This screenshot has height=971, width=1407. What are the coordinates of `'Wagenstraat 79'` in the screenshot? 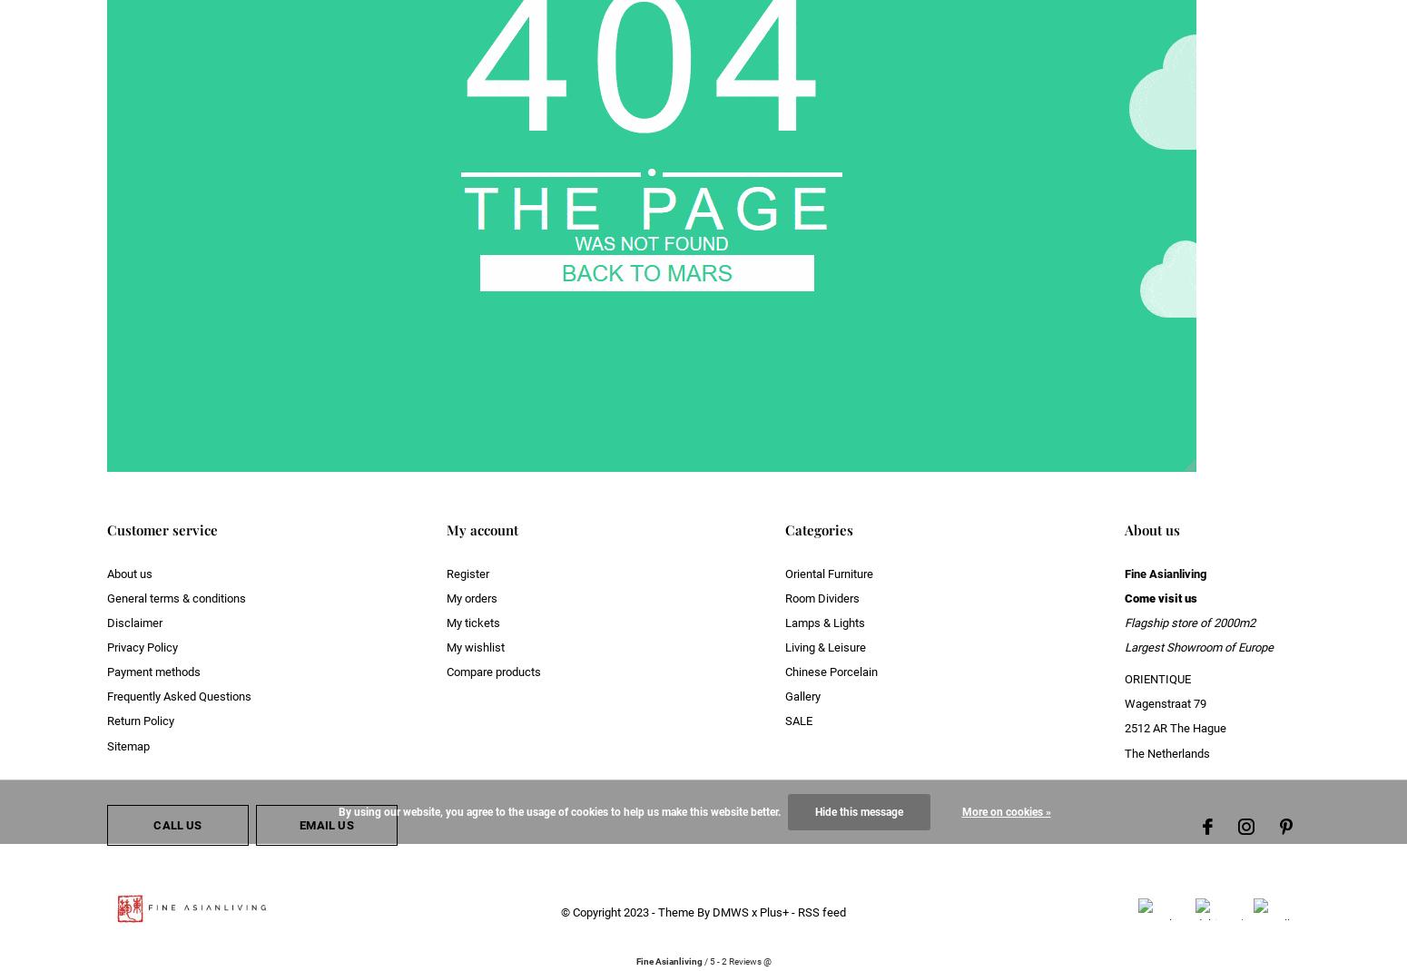 It's located at (1163, 702).